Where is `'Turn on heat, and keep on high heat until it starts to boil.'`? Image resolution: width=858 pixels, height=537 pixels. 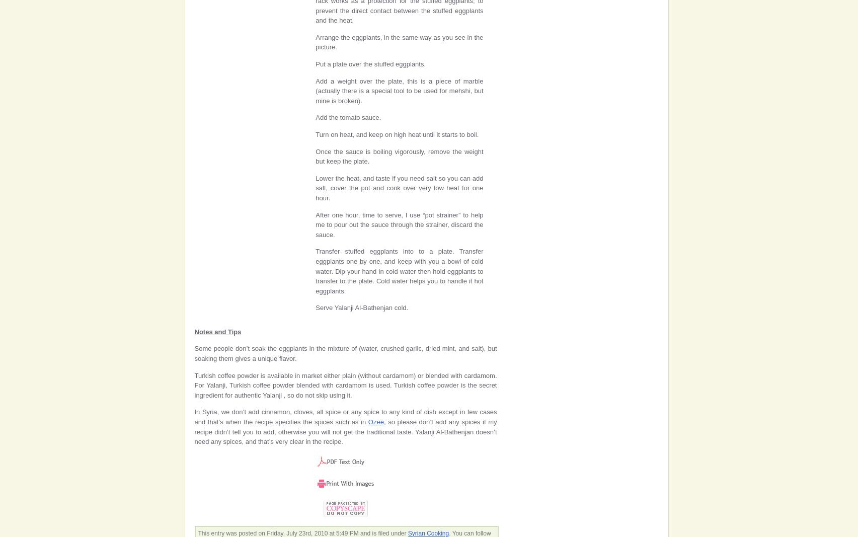 'Turn on heat, and keep on high heat until it starts to boil.' is located at coordinates (397, 134).